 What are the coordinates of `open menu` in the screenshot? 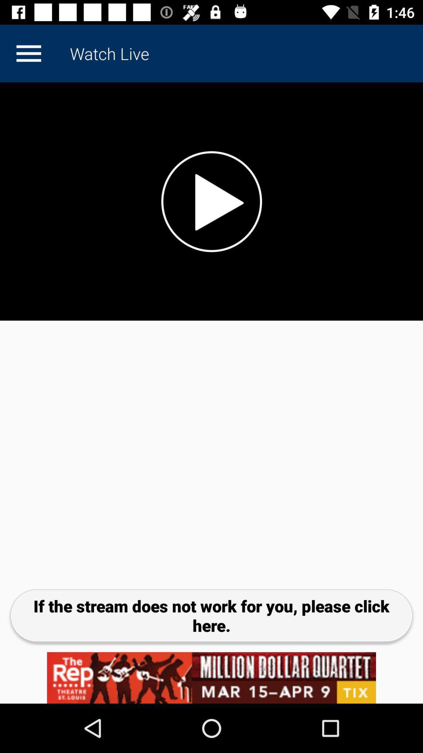 It's located at (28, 53).